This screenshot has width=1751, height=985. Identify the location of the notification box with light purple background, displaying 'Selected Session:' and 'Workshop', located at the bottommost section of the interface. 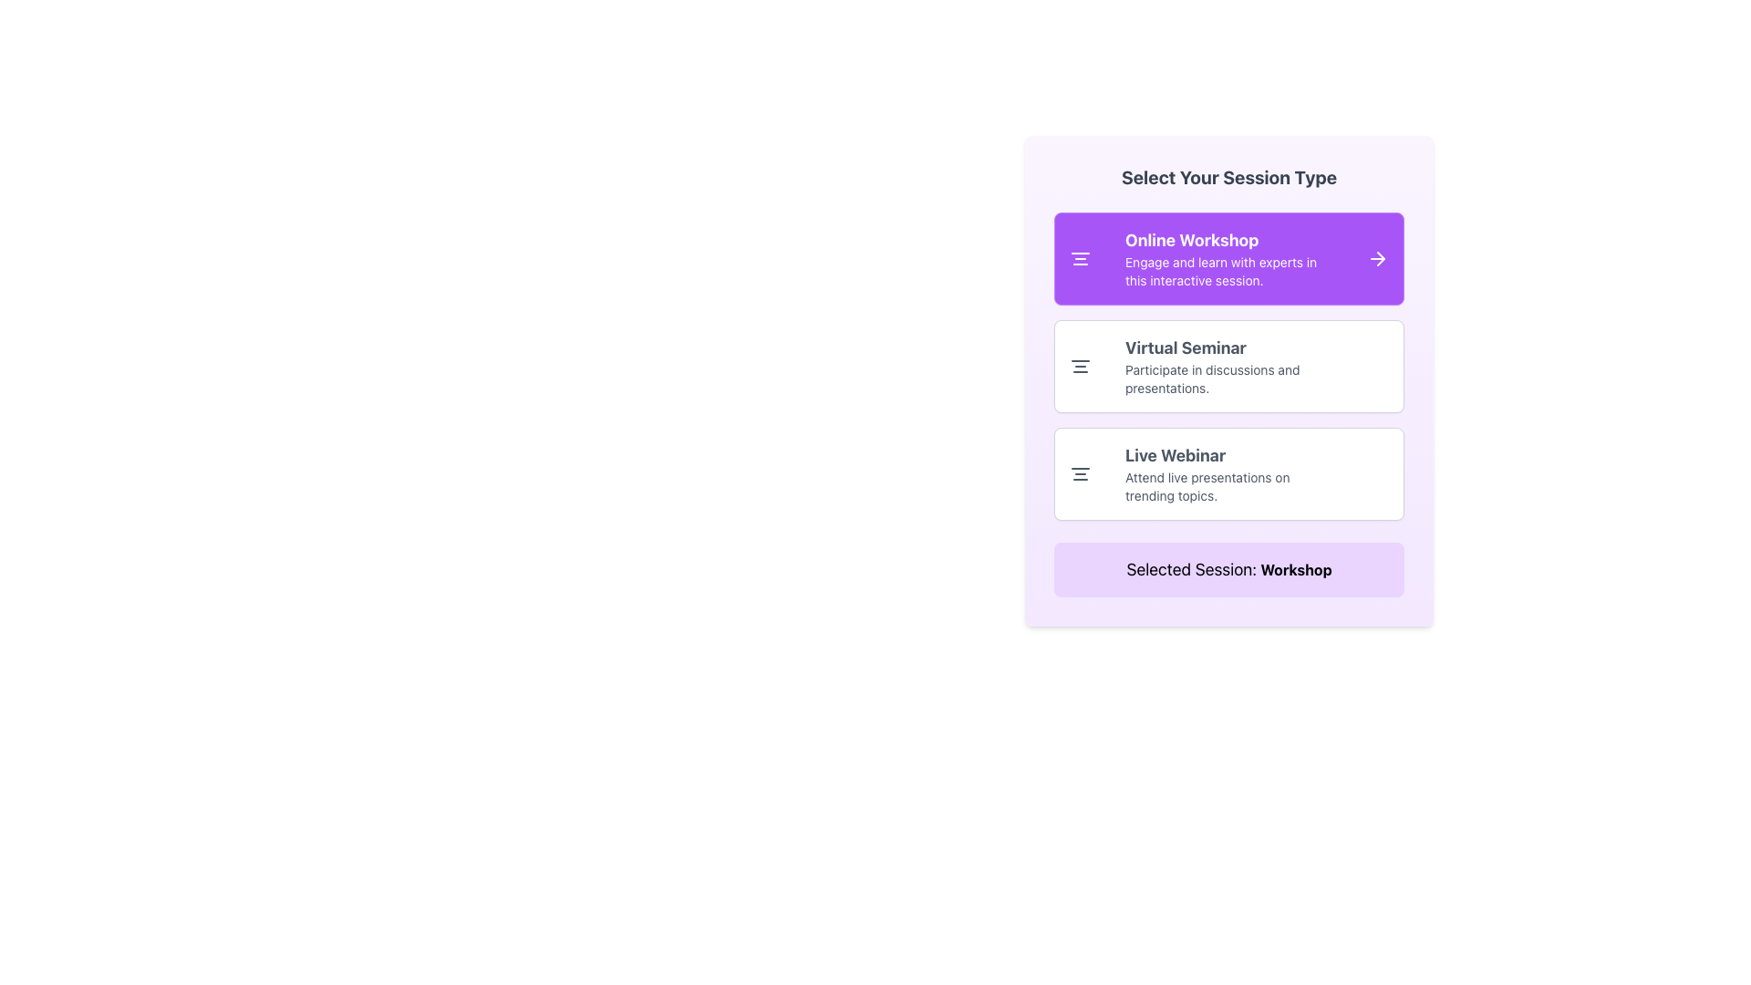
(1229, 568).